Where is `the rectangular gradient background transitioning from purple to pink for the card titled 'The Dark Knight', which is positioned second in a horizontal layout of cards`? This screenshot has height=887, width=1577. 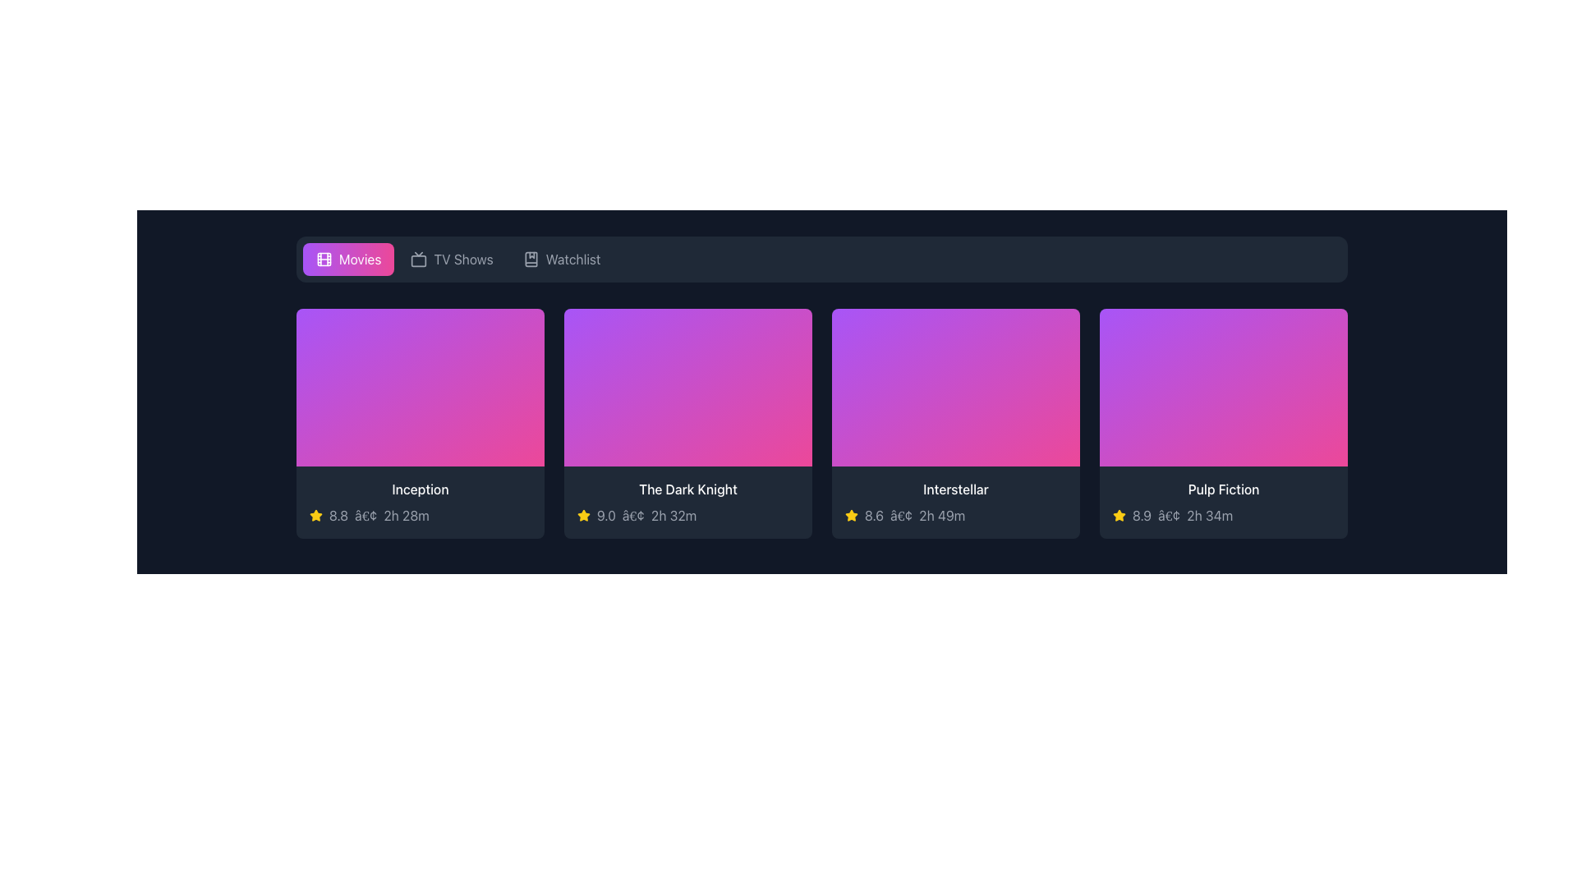 the rectangular gradient background transitioning from purple to pink for the card titled 'The Dark Knight', which is positioned second in a horizontal layout of cards is located at coordinates (688, 387).